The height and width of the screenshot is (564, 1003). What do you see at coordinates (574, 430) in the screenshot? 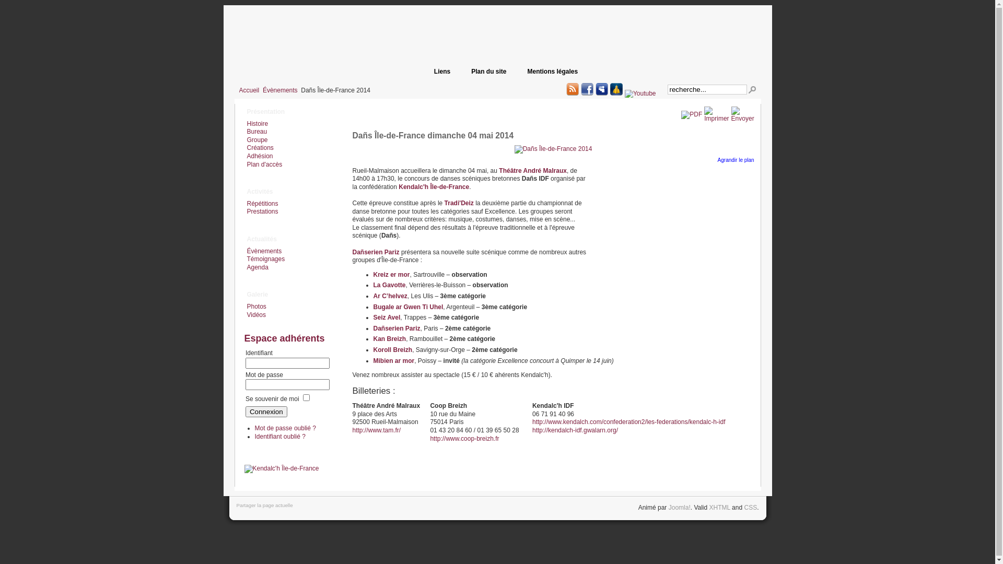
I see `'http://kendalch-idf.gwalarn.org/'` at bounding box center [574, 430].